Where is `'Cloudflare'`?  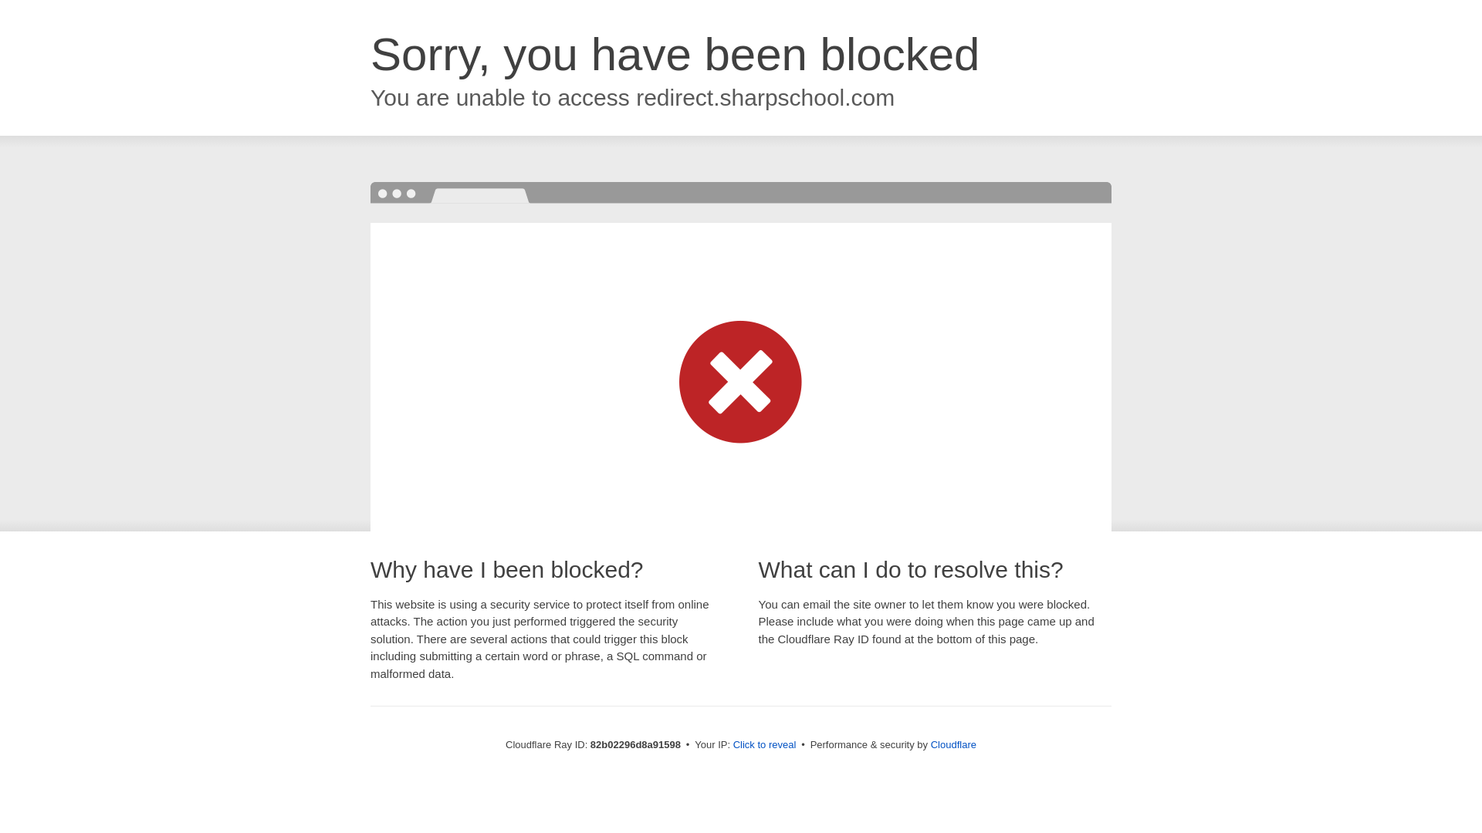
'Cloudflare' is located at coordinates (952, 744).